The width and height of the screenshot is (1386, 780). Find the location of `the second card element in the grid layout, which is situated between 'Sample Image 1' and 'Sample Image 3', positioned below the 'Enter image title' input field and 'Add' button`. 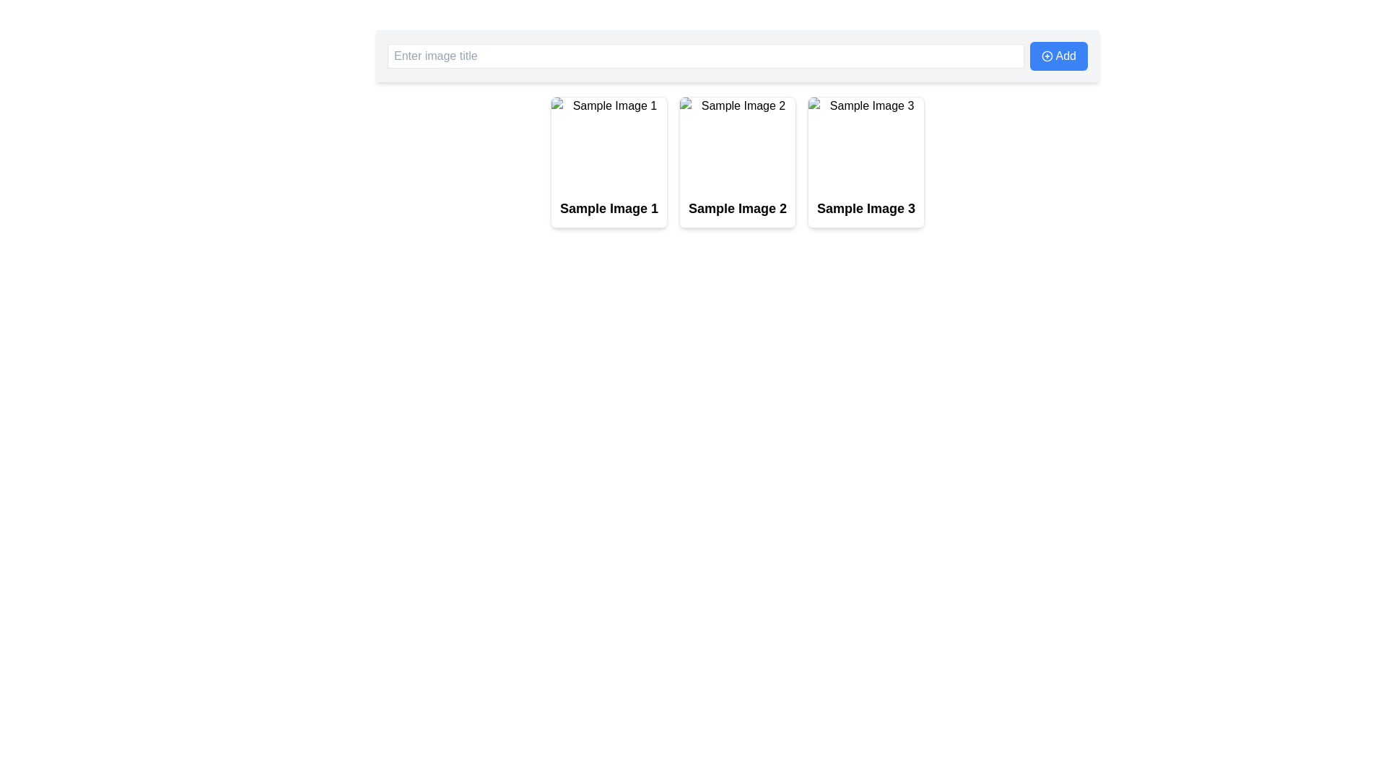

the second card element in the grid layout, which is situated between 'Sample Image 1' and 'Sample Image 3', positioned below the 'Enter image title' input field and 'Add' button is located at coordinates (738, 162).